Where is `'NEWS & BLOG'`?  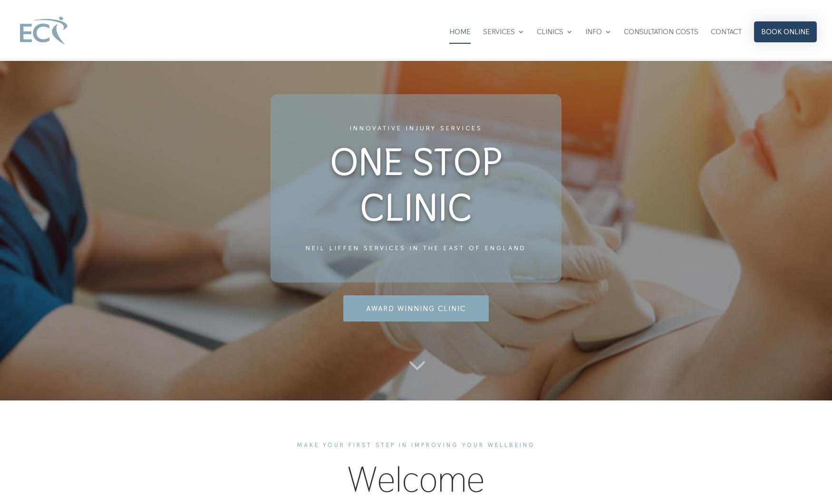
'NEWS & BLOG' is located at coordinates (628, 152).